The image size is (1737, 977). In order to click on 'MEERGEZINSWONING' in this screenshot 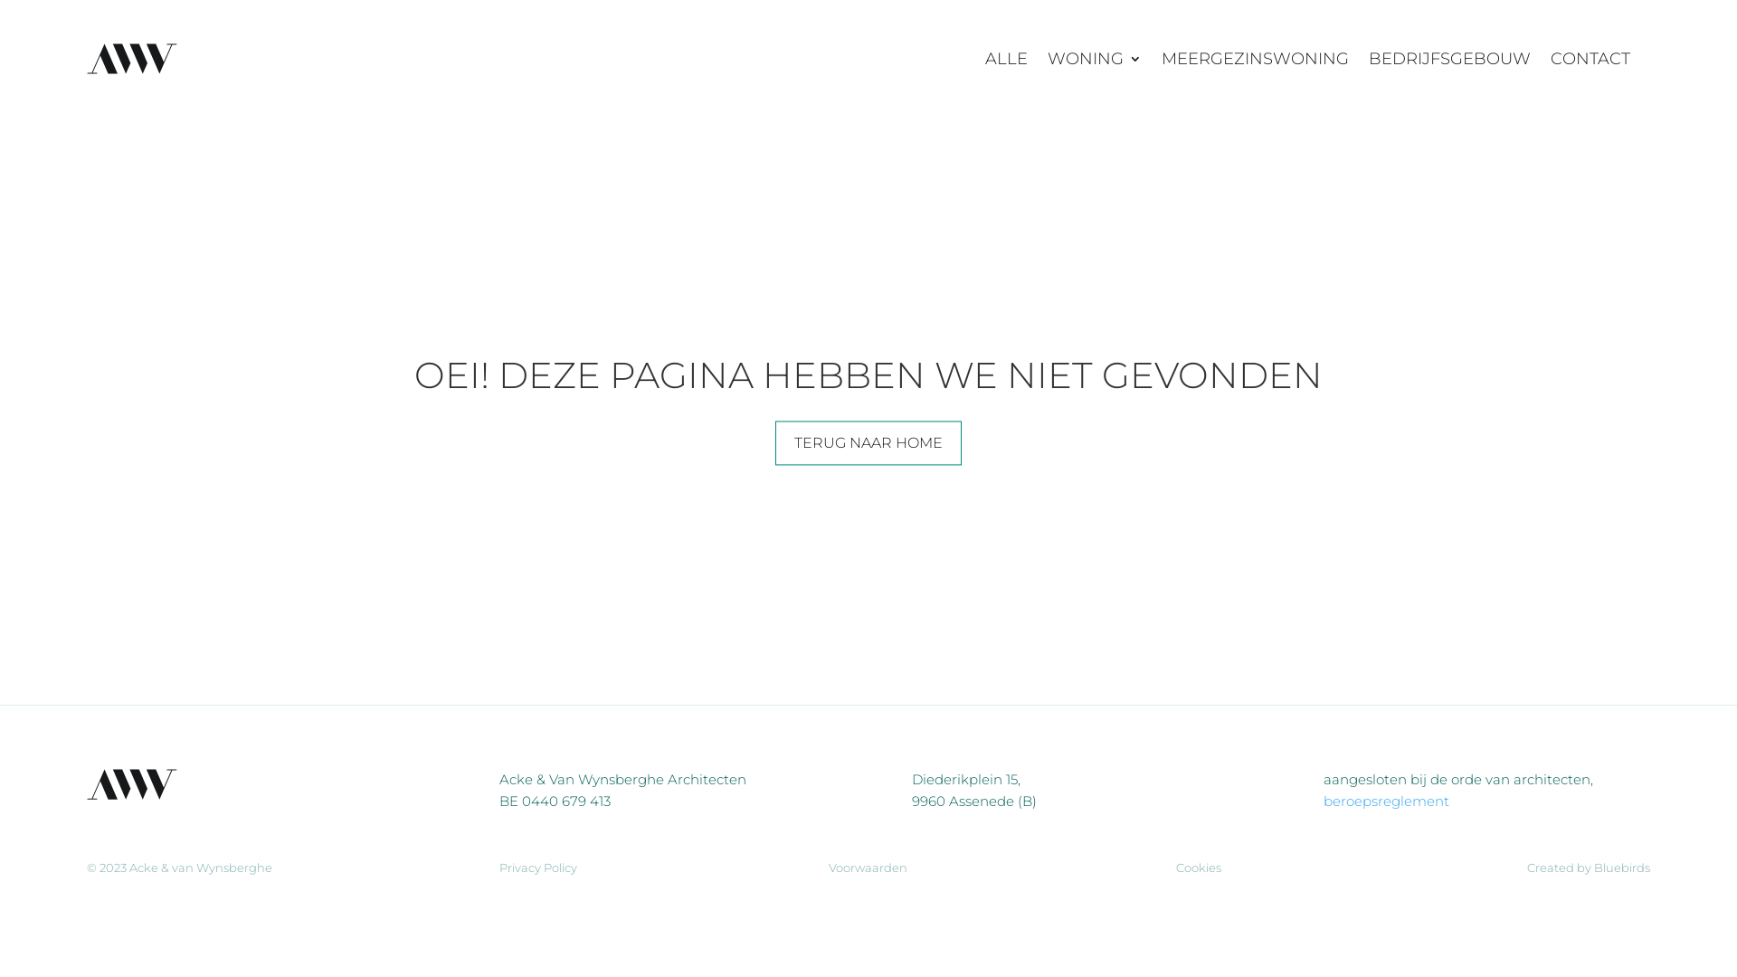, I will do `click(1254, 58)`.